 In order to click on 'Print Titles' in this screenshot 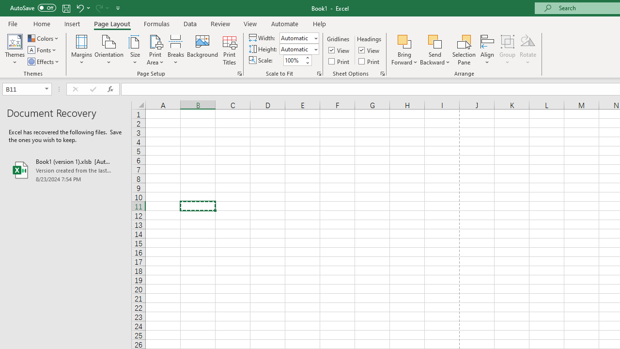, I will do `click(229, 50)`.